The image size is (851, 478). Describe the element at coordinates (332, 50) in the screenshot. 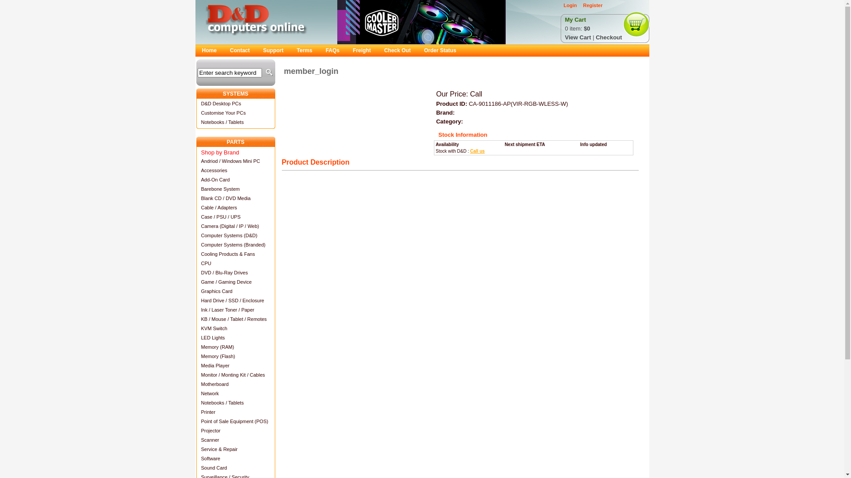

I see `'FAQs'` at that location.